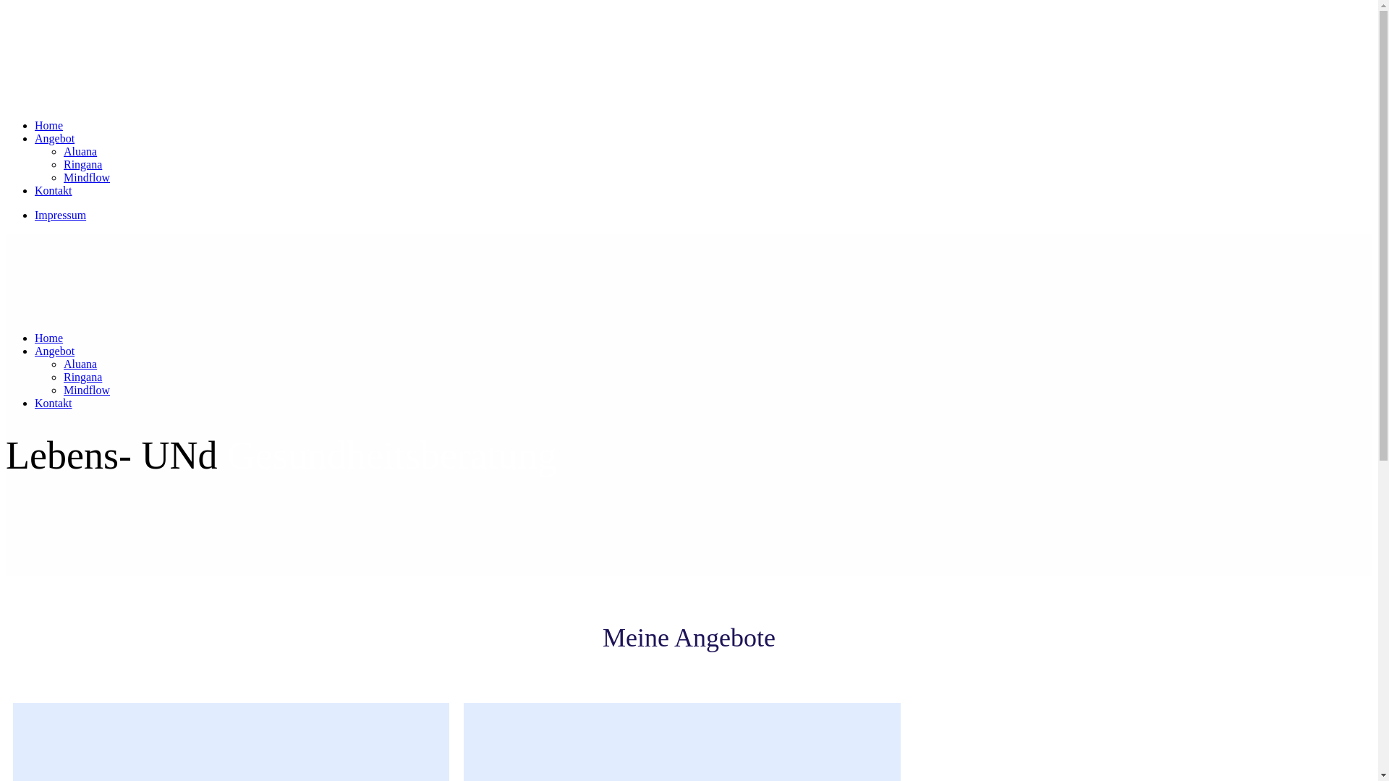  I want to click on 'Angebot', so click(54, 351).